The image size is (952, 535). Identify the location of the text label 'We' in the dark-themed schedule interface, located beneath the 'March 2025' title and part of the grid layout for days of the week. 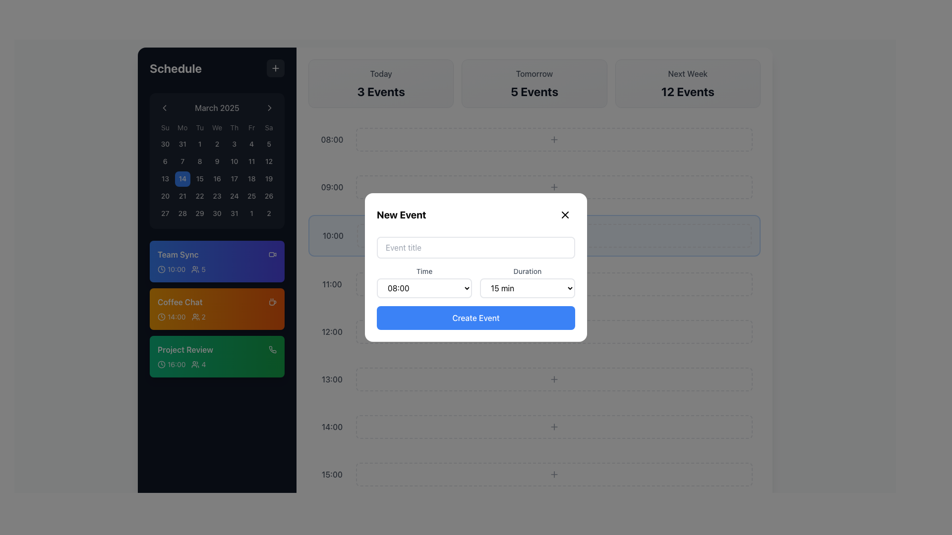
(216, 127).